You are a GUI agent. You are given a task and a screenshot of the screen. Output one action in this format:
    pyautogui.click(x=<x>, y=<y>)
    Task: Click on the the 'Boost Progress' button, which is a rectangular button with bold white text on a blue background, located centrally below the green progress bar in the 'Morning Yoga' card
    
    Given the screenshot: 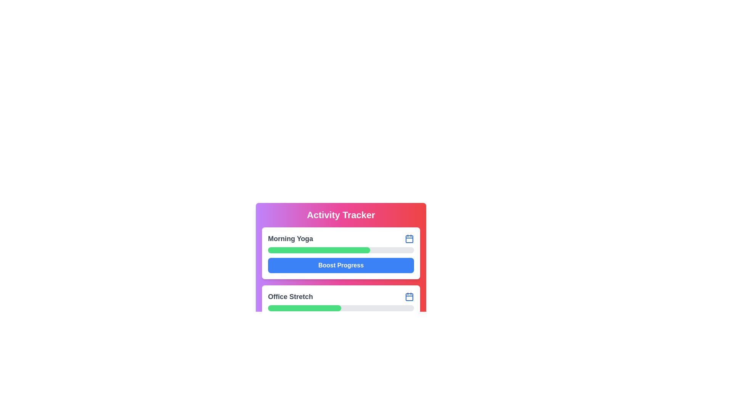 What is the action you would take?
    pyautogui.click(x=340, y=265)
    